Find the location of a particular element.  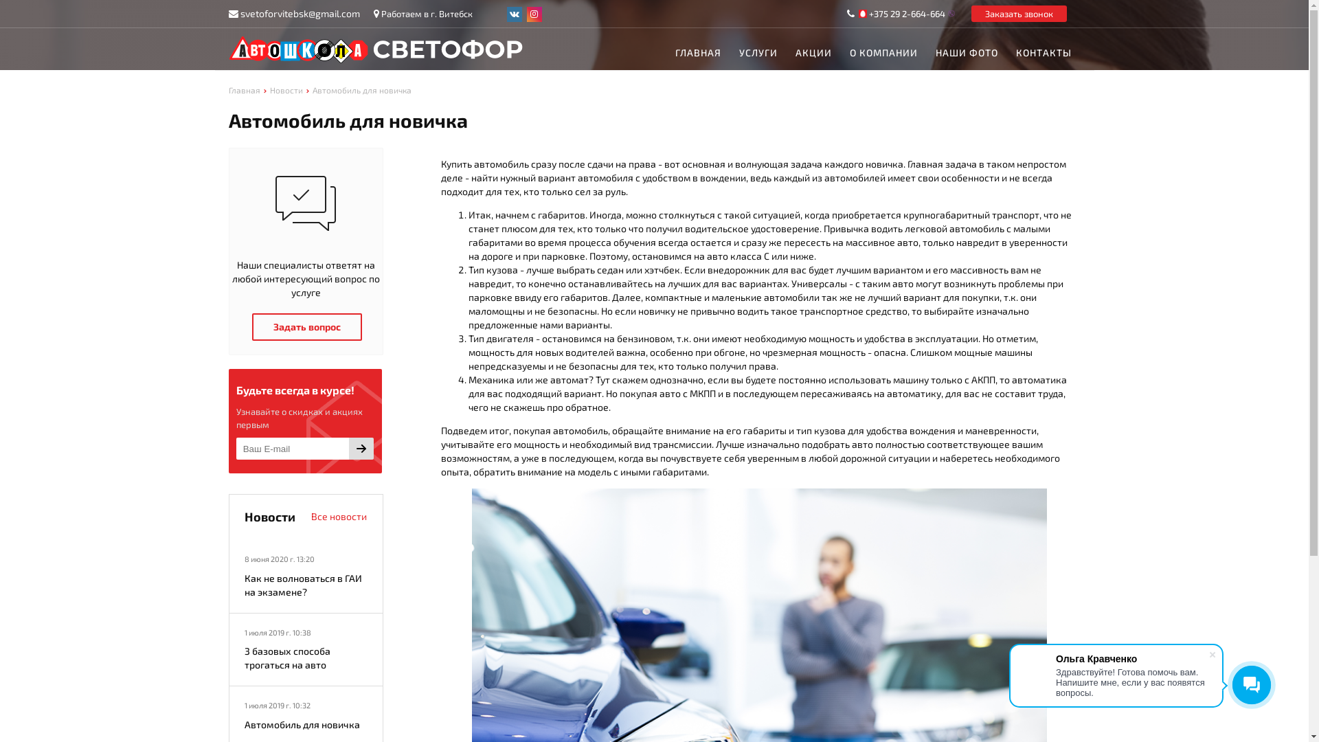

'svetoforvitebsk@gmail.com' is located at coordinates (299, 13).